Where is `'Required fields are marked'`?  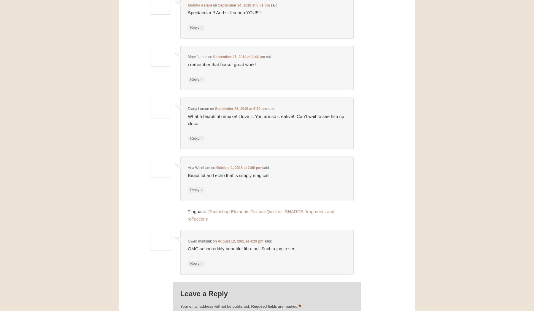 'Required fields are marked' is located at coordinates (274, 306).